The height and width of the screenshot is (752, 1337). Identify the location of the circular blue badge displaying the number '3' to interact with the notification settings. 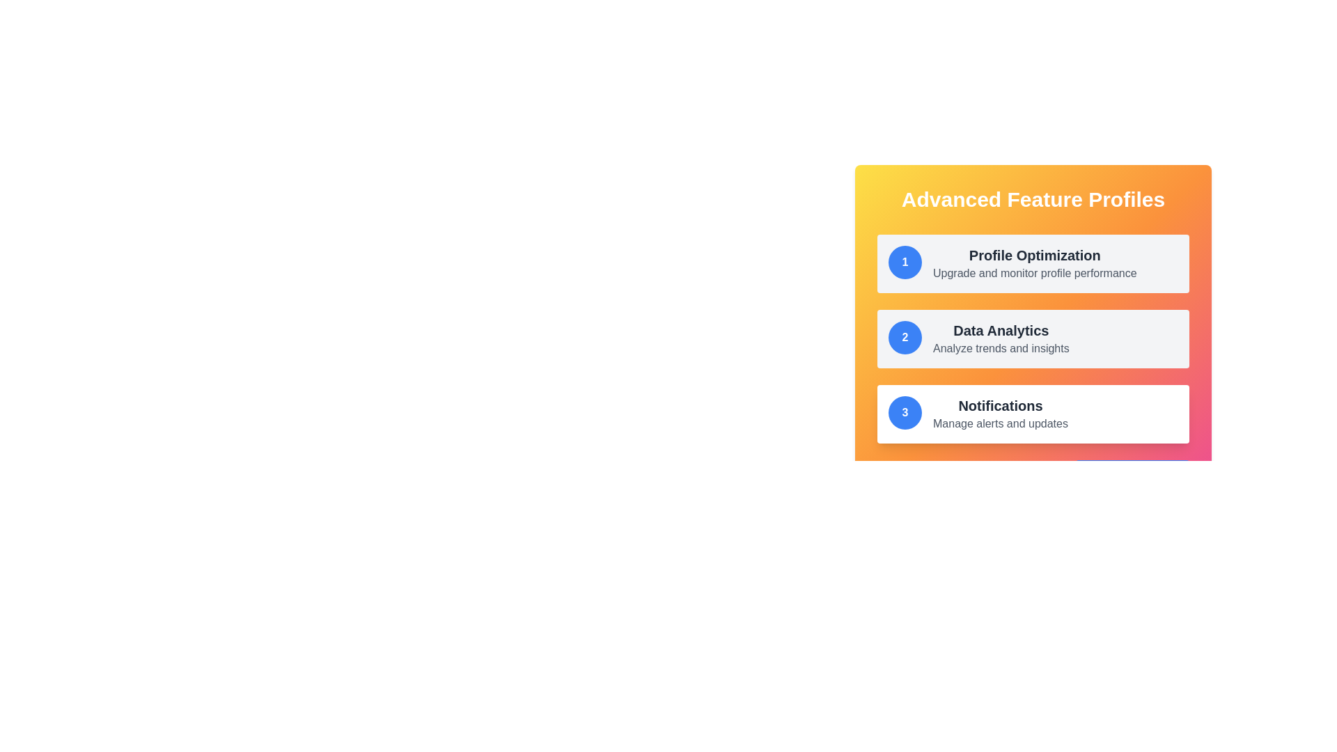
(905, 412).